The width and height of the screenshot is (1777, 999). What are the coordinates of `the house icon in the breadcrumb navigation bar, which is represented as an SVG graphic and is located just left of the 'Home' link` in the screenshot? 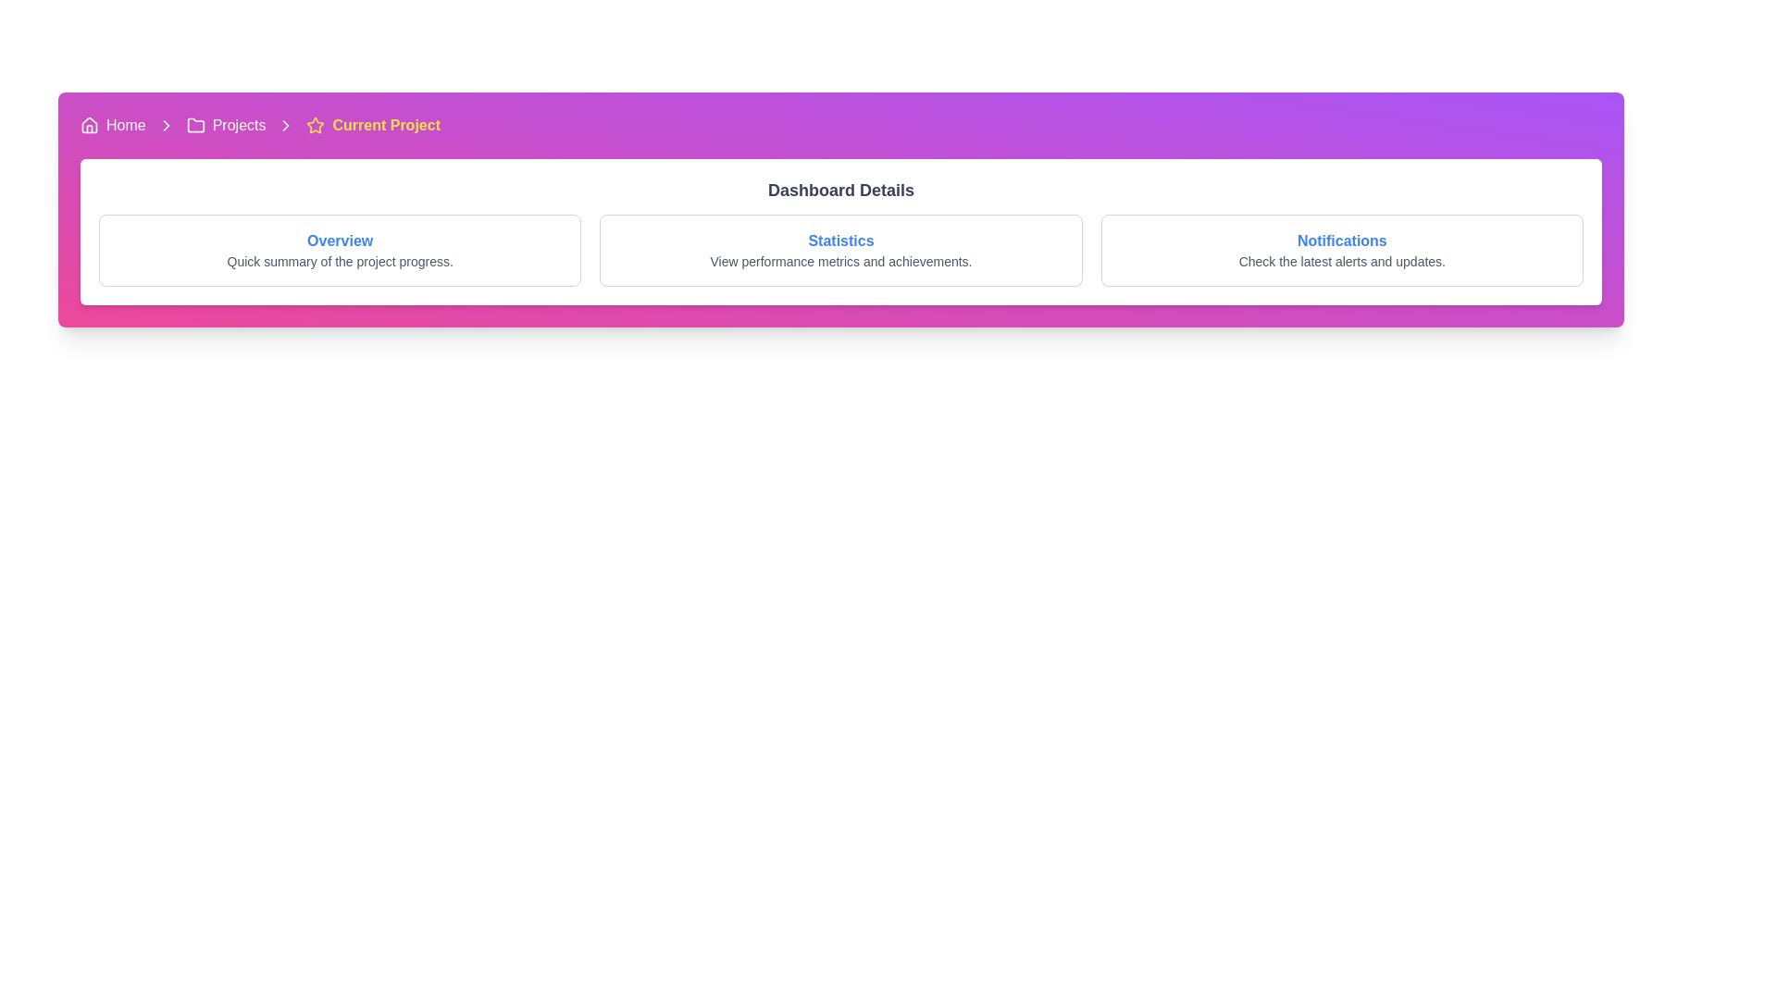 It's located at (88, 125).